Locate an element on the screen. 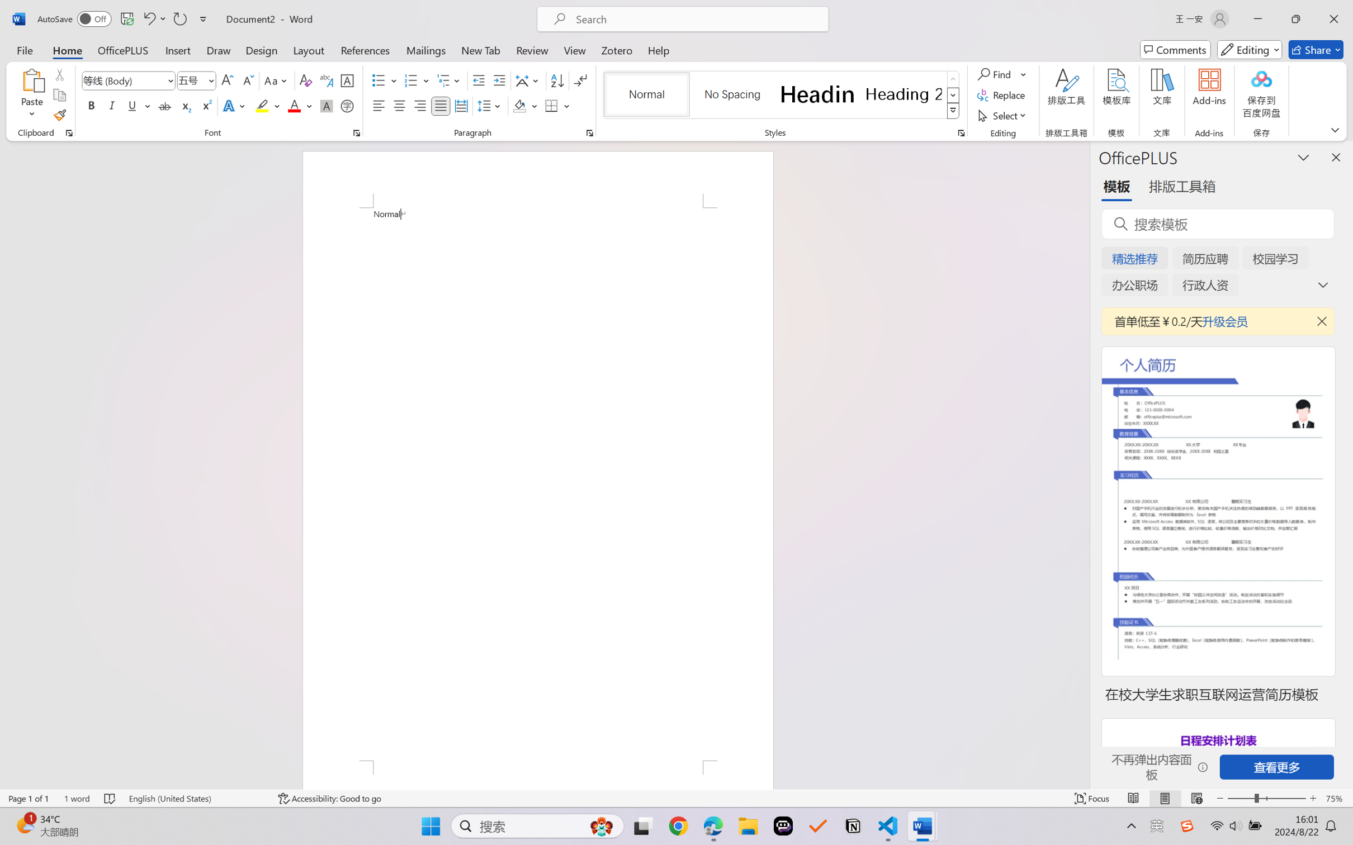  'Bullets' is located at coordinates (384, 80).